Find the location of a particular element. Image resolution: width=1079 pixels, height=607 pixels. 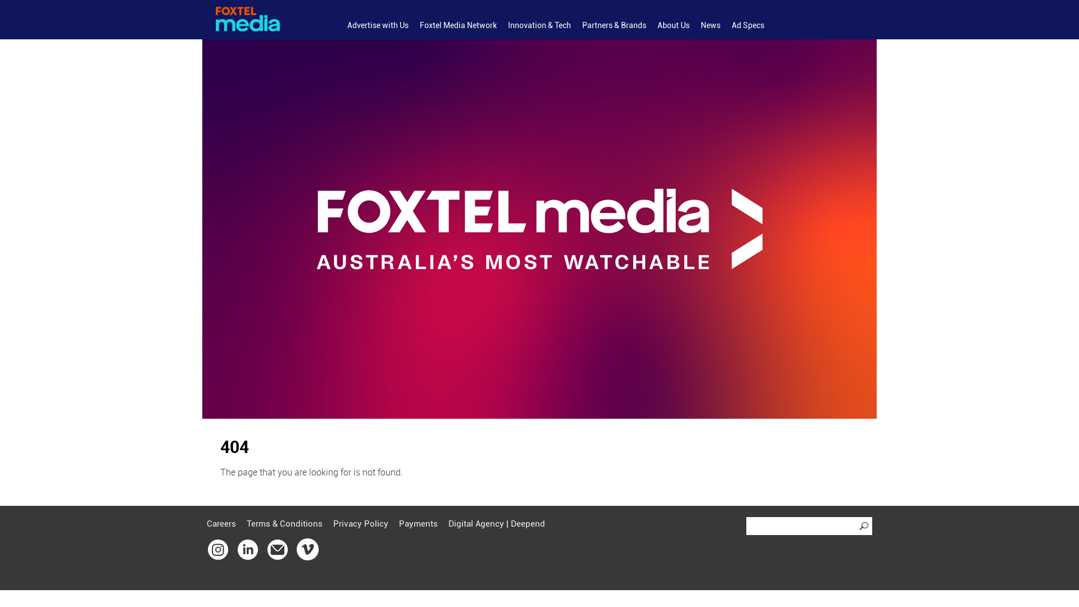

'Click to search.' is located at coordinates (865, 526).